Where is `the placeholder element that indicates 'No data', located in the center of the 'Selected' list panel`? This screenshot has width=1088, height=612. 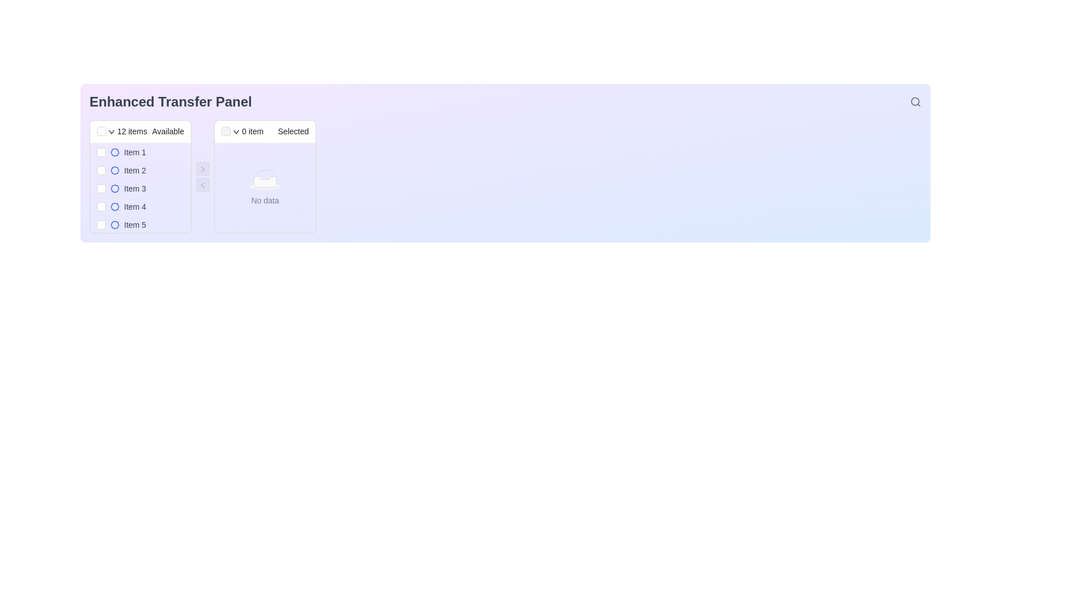
the placeholder element that indicates 'No data', located in the center of the 'Selected' list panel is located at coordinates (264, 187).